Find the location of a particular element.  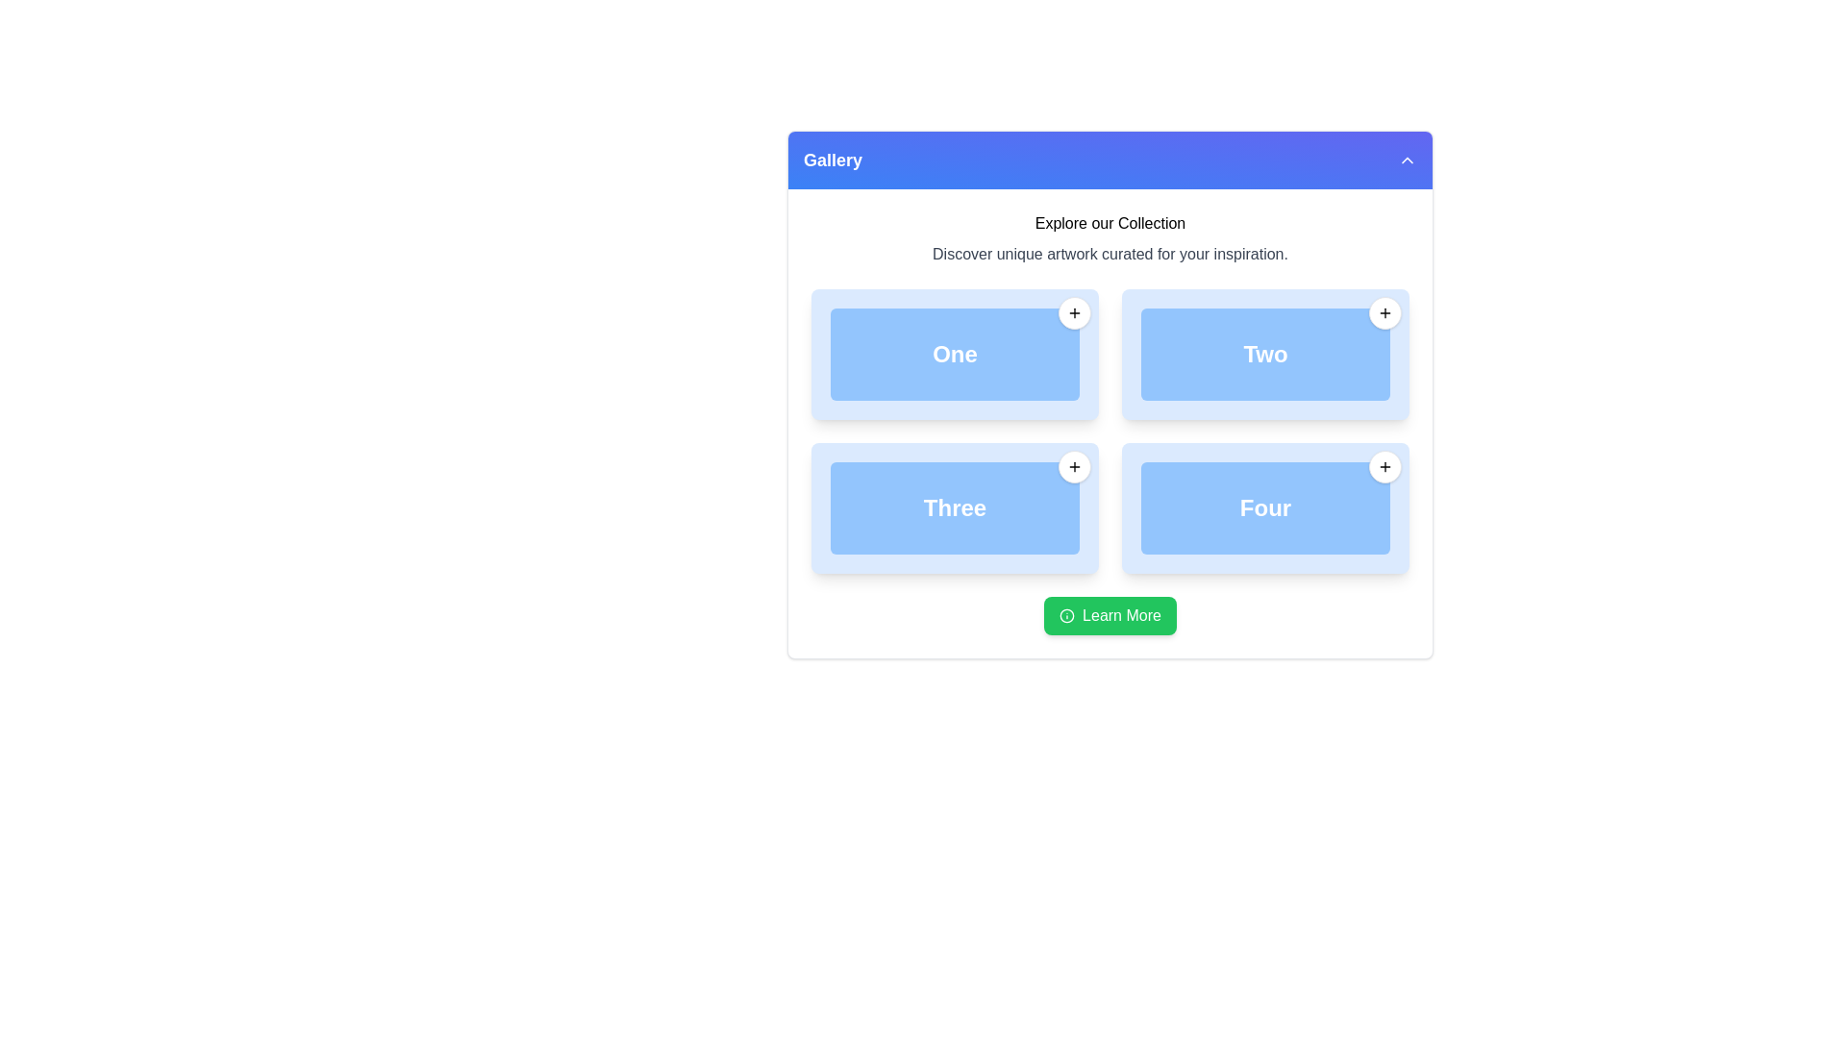

the rectangular card with rounded edges and a light blue background containing the bold white text 'Three' at its center is located at coordinates (955, 507).